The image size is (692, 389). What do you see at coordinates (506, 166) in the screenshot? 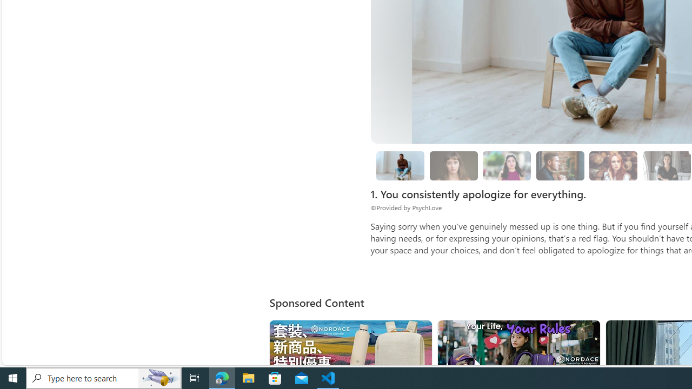
I see `'4. You can name and understand your feelings.'` at bounding box center [506, 166].